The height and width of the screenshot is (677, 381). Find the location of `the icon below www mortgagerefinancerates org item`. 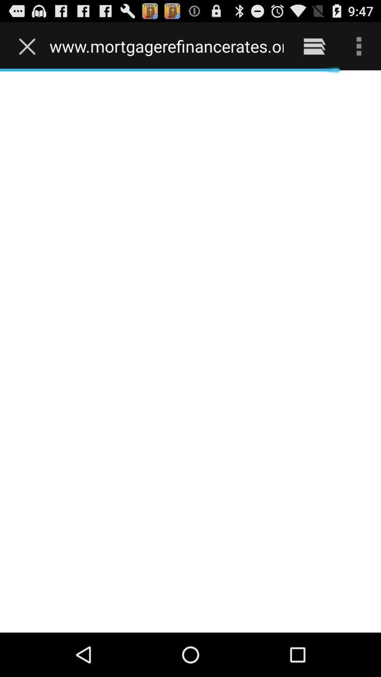

the icon below www mortgagerefinancerates org item is located at coordinates (190, 351).